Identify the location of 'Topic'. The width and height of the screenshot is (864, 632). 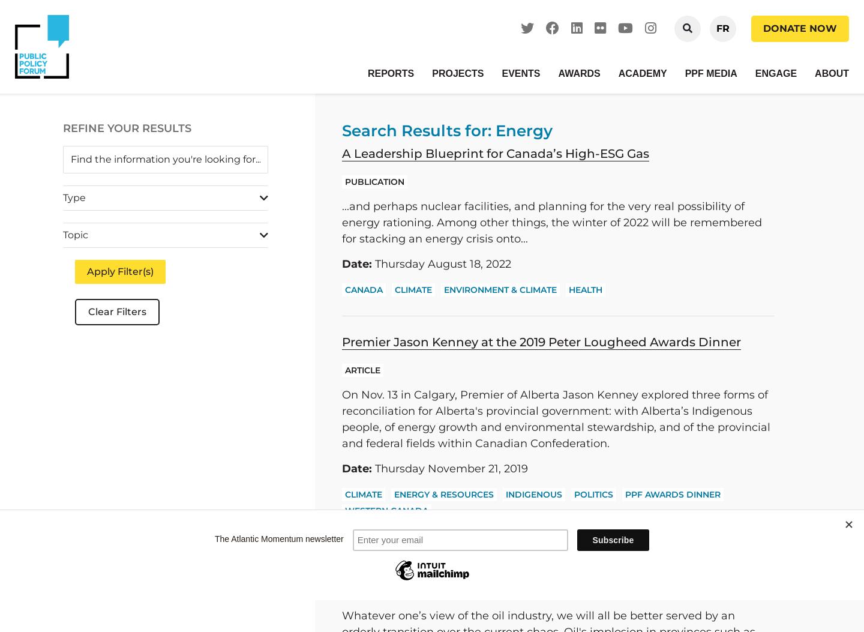
(74, 235).